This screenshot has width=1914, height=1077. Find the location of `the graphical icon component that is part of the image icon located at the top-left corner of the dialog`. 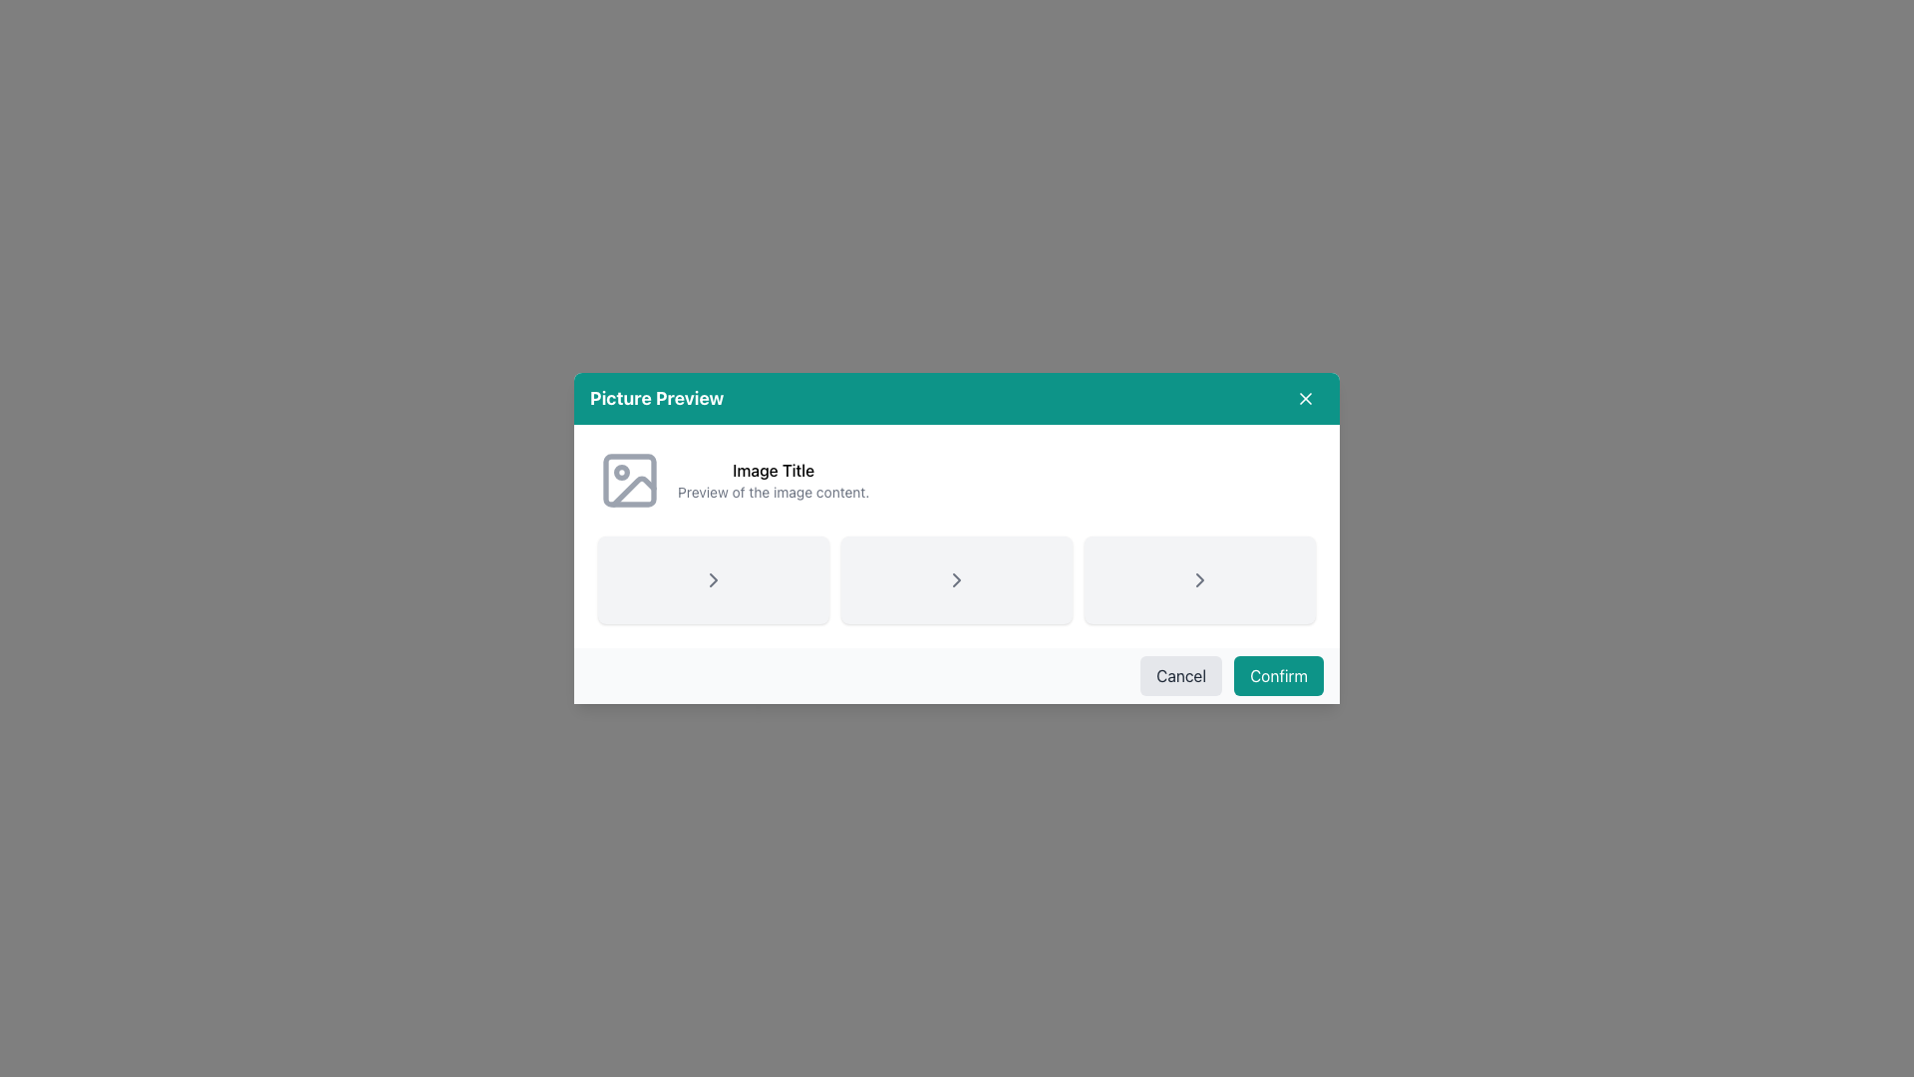

the graphical icon component that is part of the image icon located at the top-left corner of the dialog is located at coordinates (629, 481).